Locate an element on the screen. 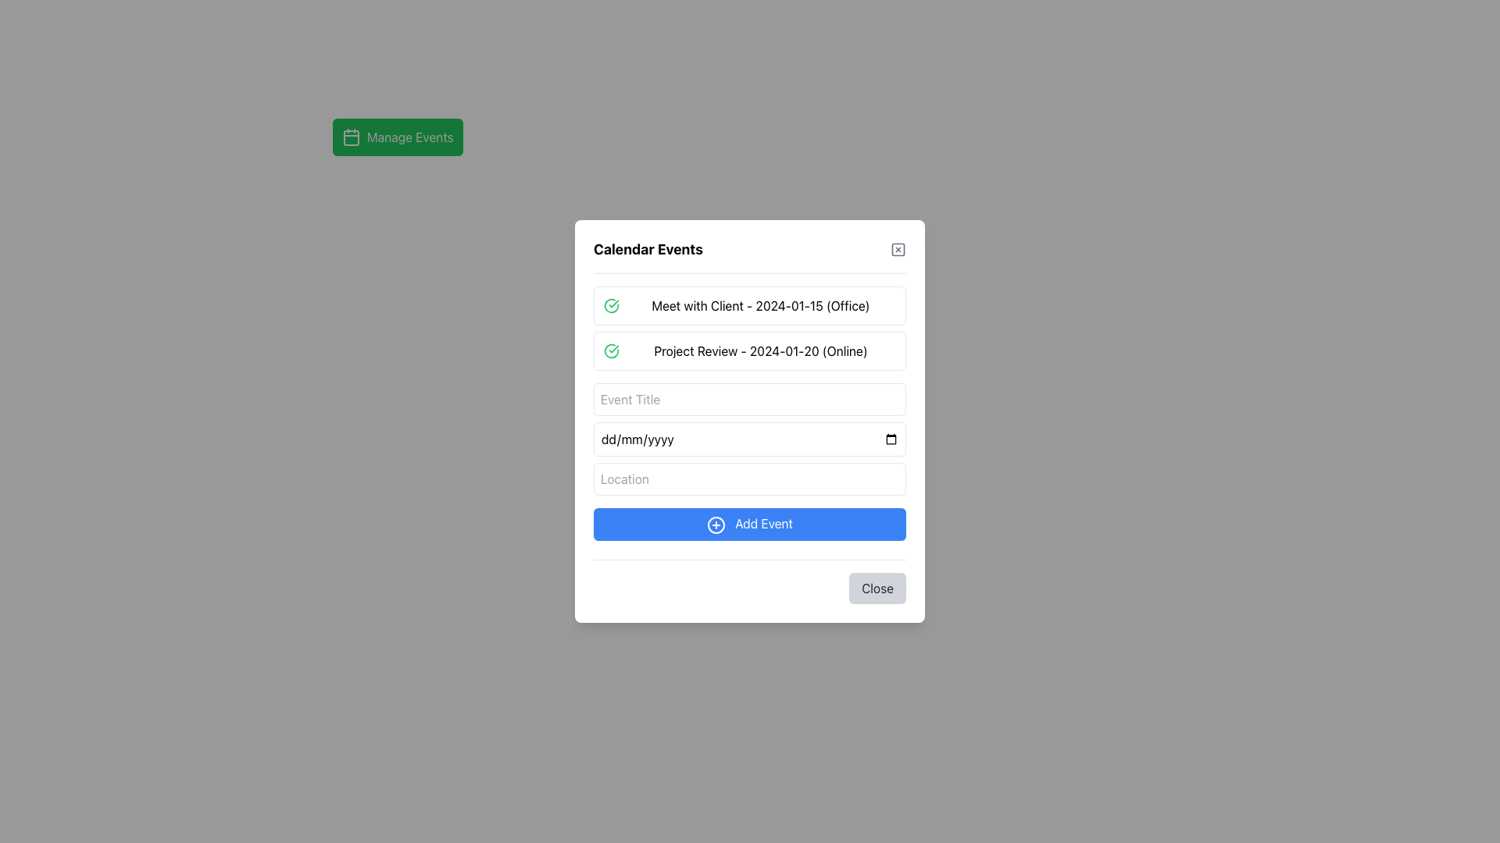 Image resolution: width=1500 pixels, height=843 pixels. the text label displaying details of the second scheduled calendar event, which shows the topic, date, and mode (online) is located at coordinates (761, 351).